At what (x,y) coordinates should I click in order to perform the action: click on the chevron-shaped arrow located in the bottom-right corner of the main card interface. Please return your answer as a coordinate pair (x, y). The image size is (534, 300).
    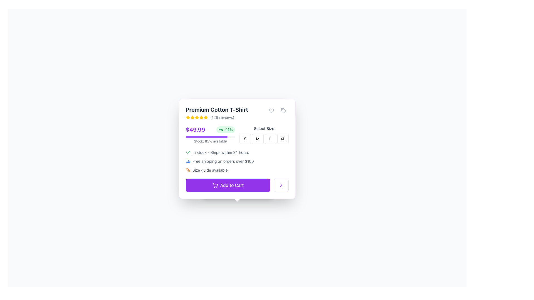
    Looking at the image, I should click on (281, 185).